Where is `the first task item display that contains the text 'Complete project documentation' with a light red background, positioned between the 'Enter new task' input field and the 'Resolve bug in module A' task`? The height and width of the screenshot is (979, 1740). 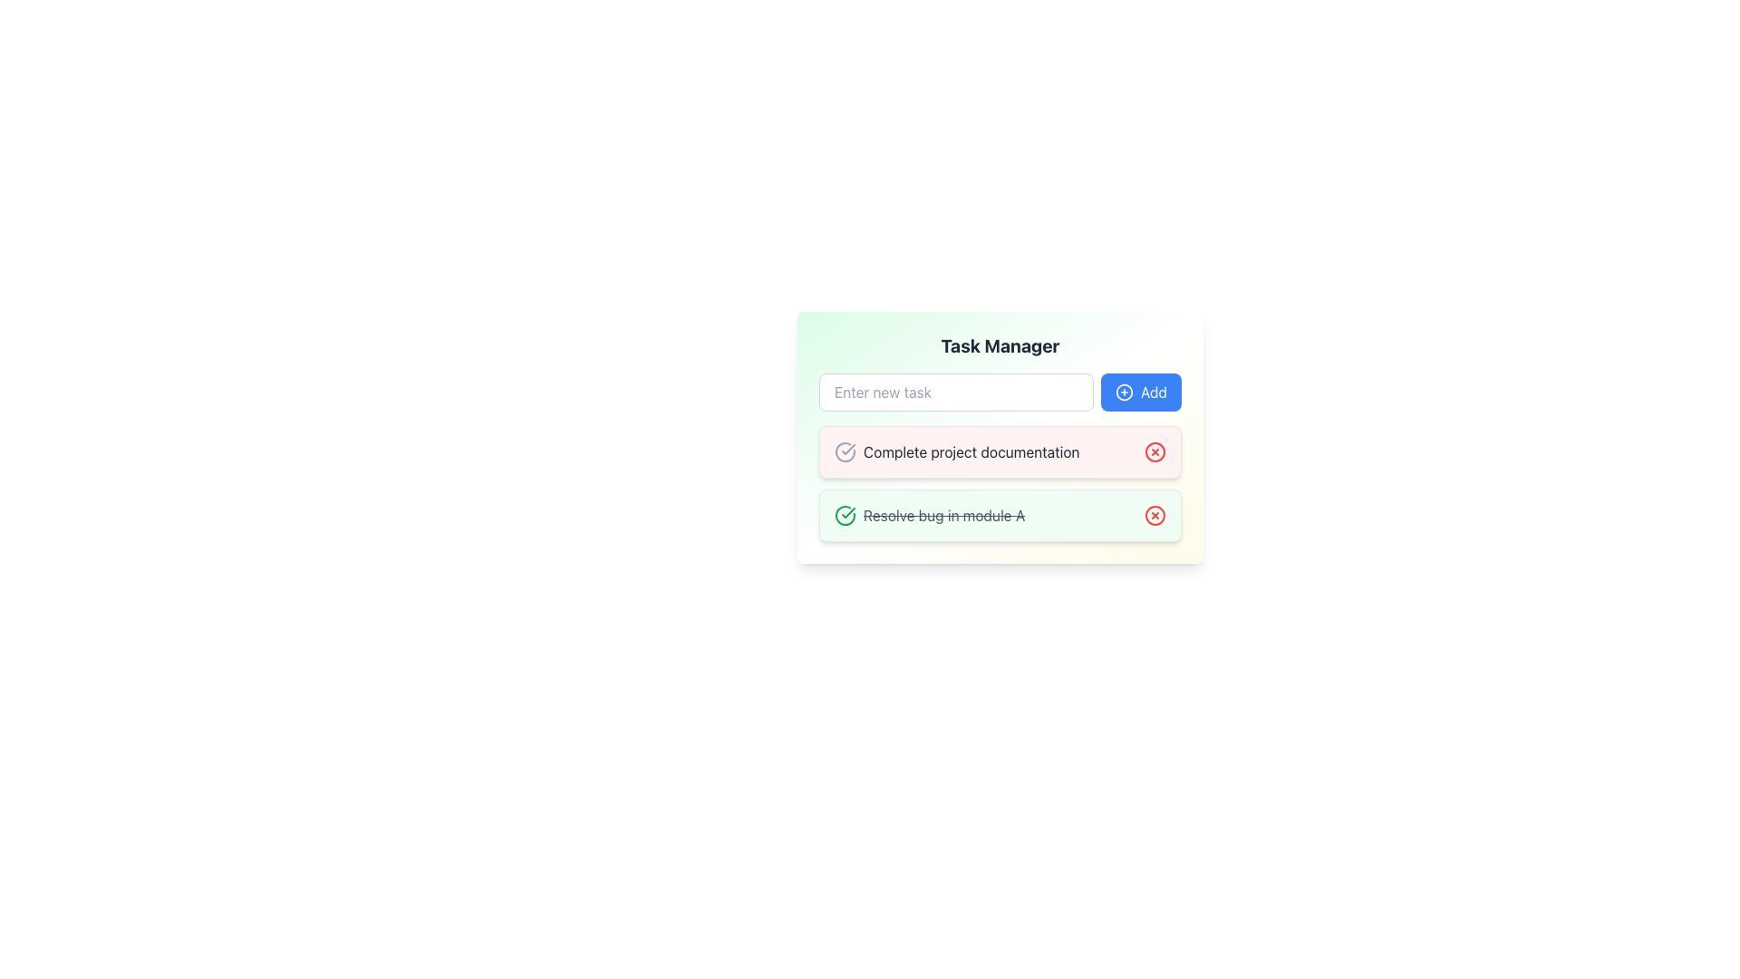
the first task item display that contains the text 'Complete project documentation' with a light red background, positioned between the 'Enter new task' input field and the 'Resolve bug in module A' task is located at coordinates (1000, 457).